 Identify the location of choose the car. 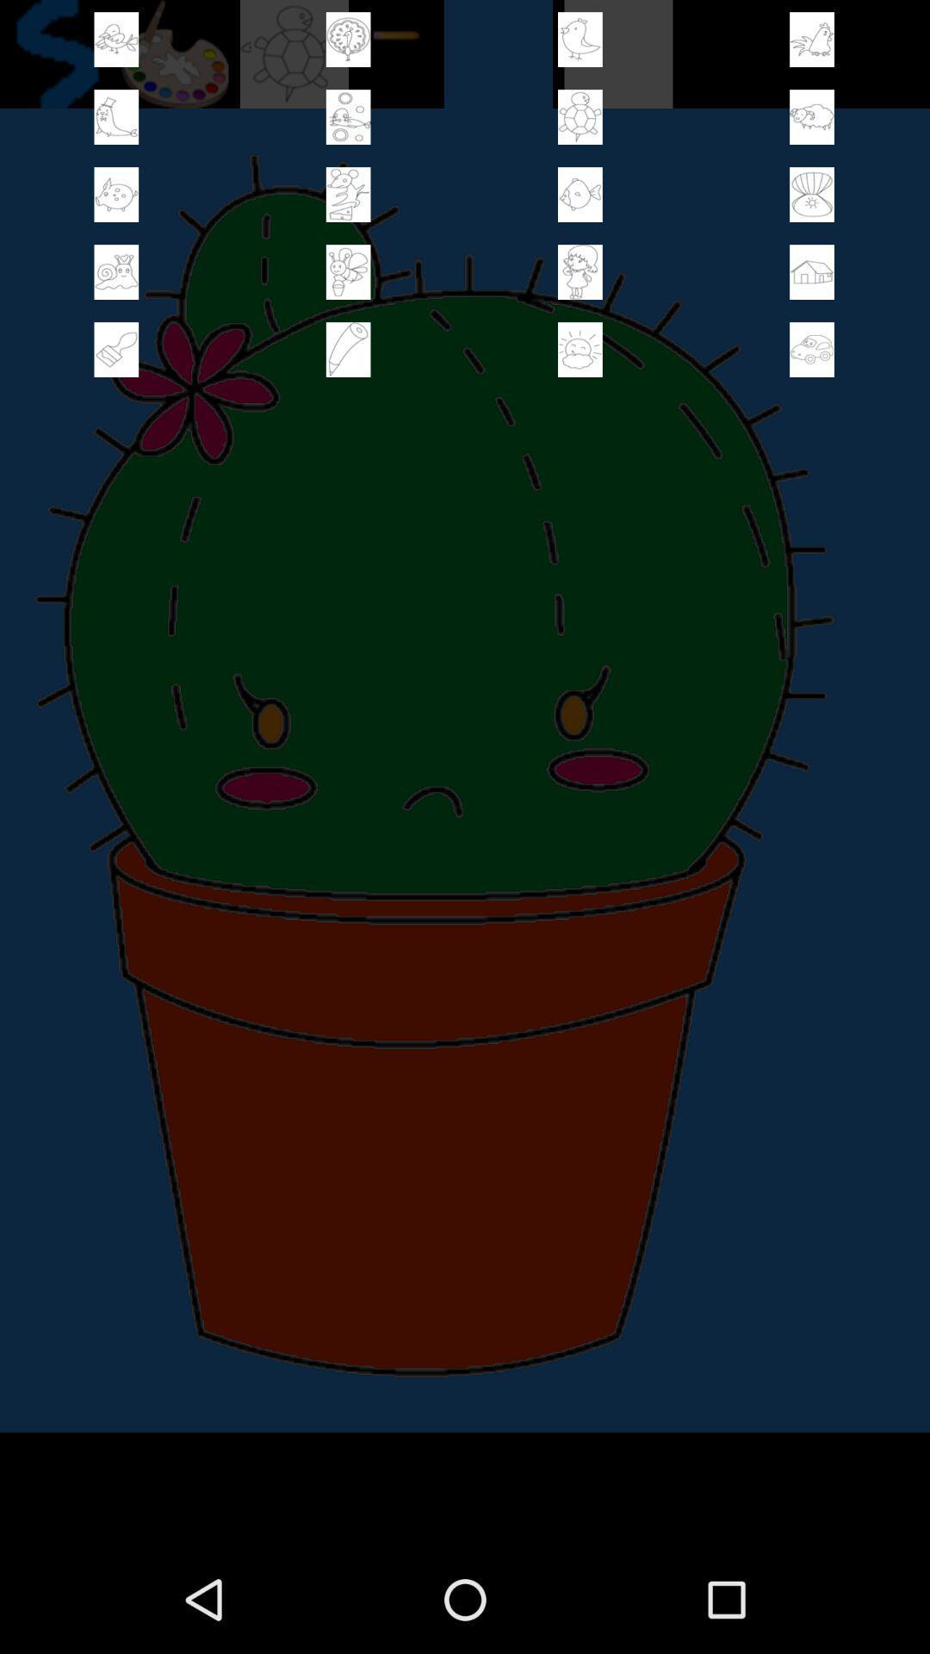
(812, 349).